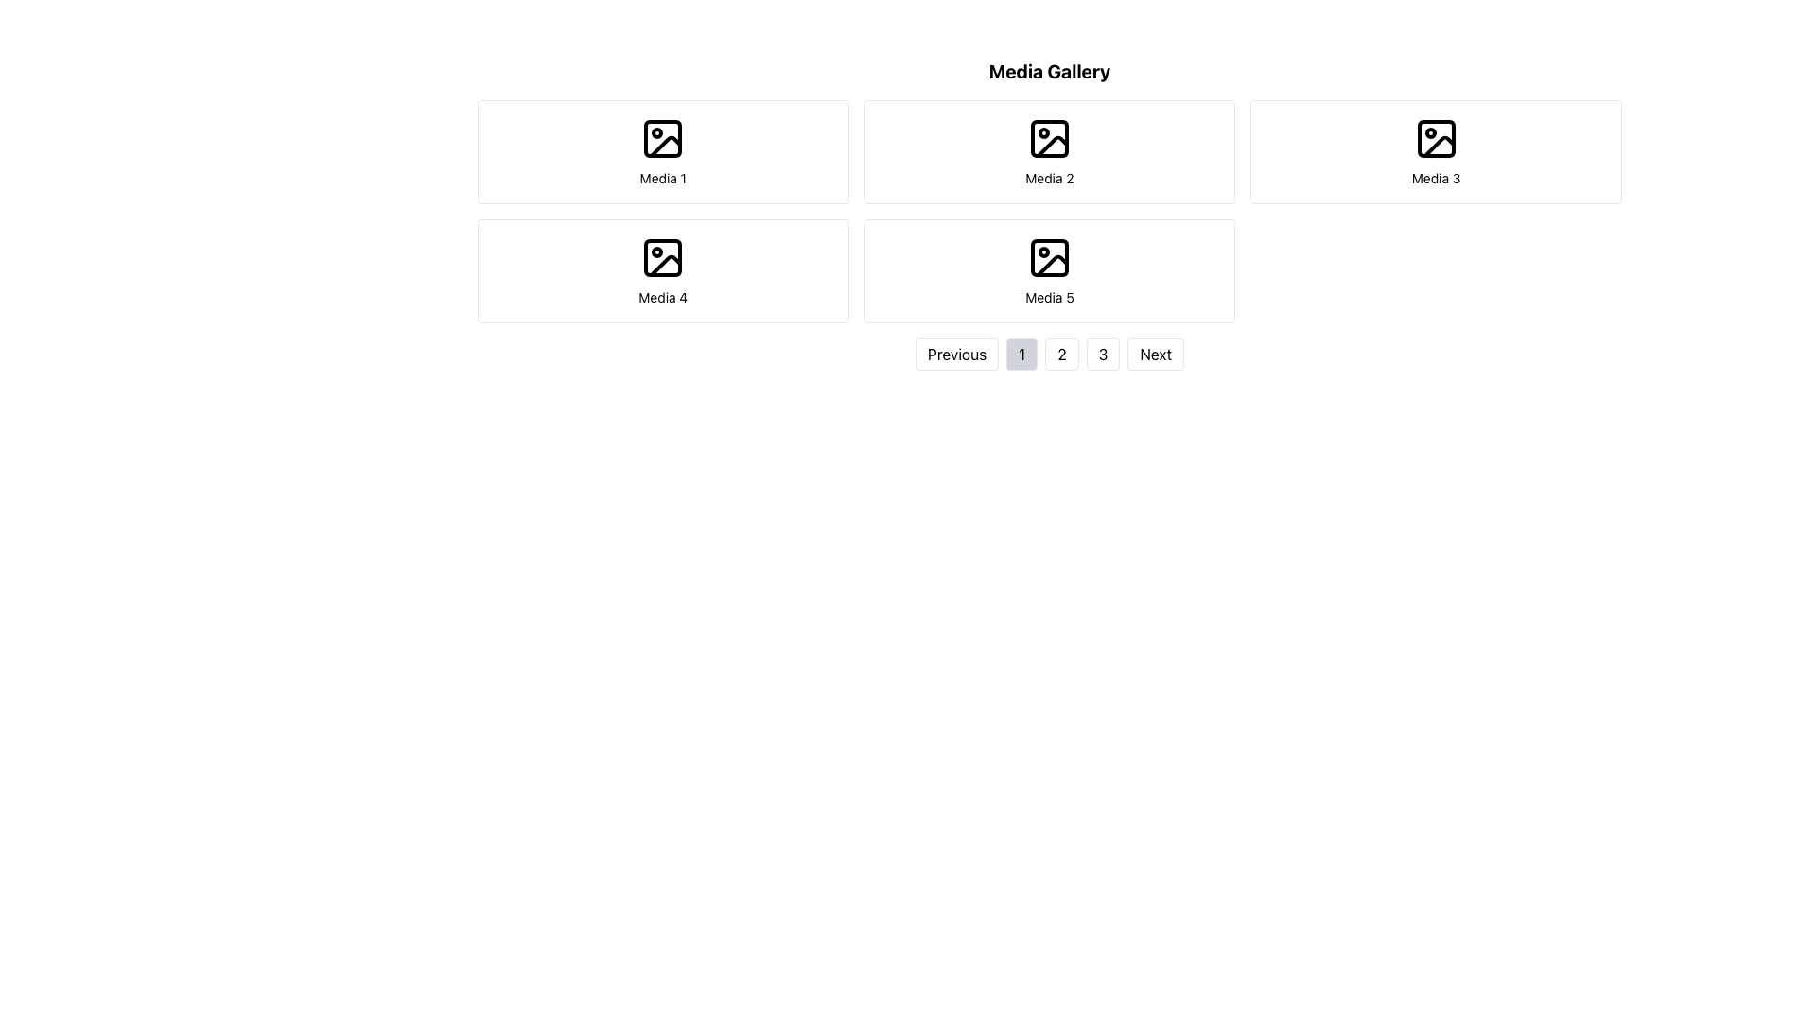 The width and height of the screenshot is (1816, 1021). Describe the element at coordinates (1436, 179) in the screenshot. I see `Text Label that identifies the media item in the top-right area of the media gallery layout, positioned below the image icon` at that location.